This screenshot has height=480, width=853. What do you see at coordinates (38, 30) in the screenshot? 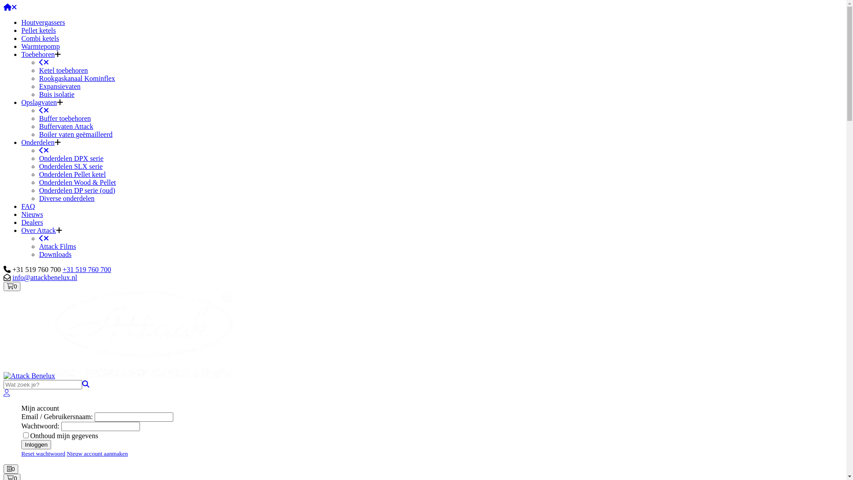
I see `'Pellet ketels'` at bounding box center [38, 30].